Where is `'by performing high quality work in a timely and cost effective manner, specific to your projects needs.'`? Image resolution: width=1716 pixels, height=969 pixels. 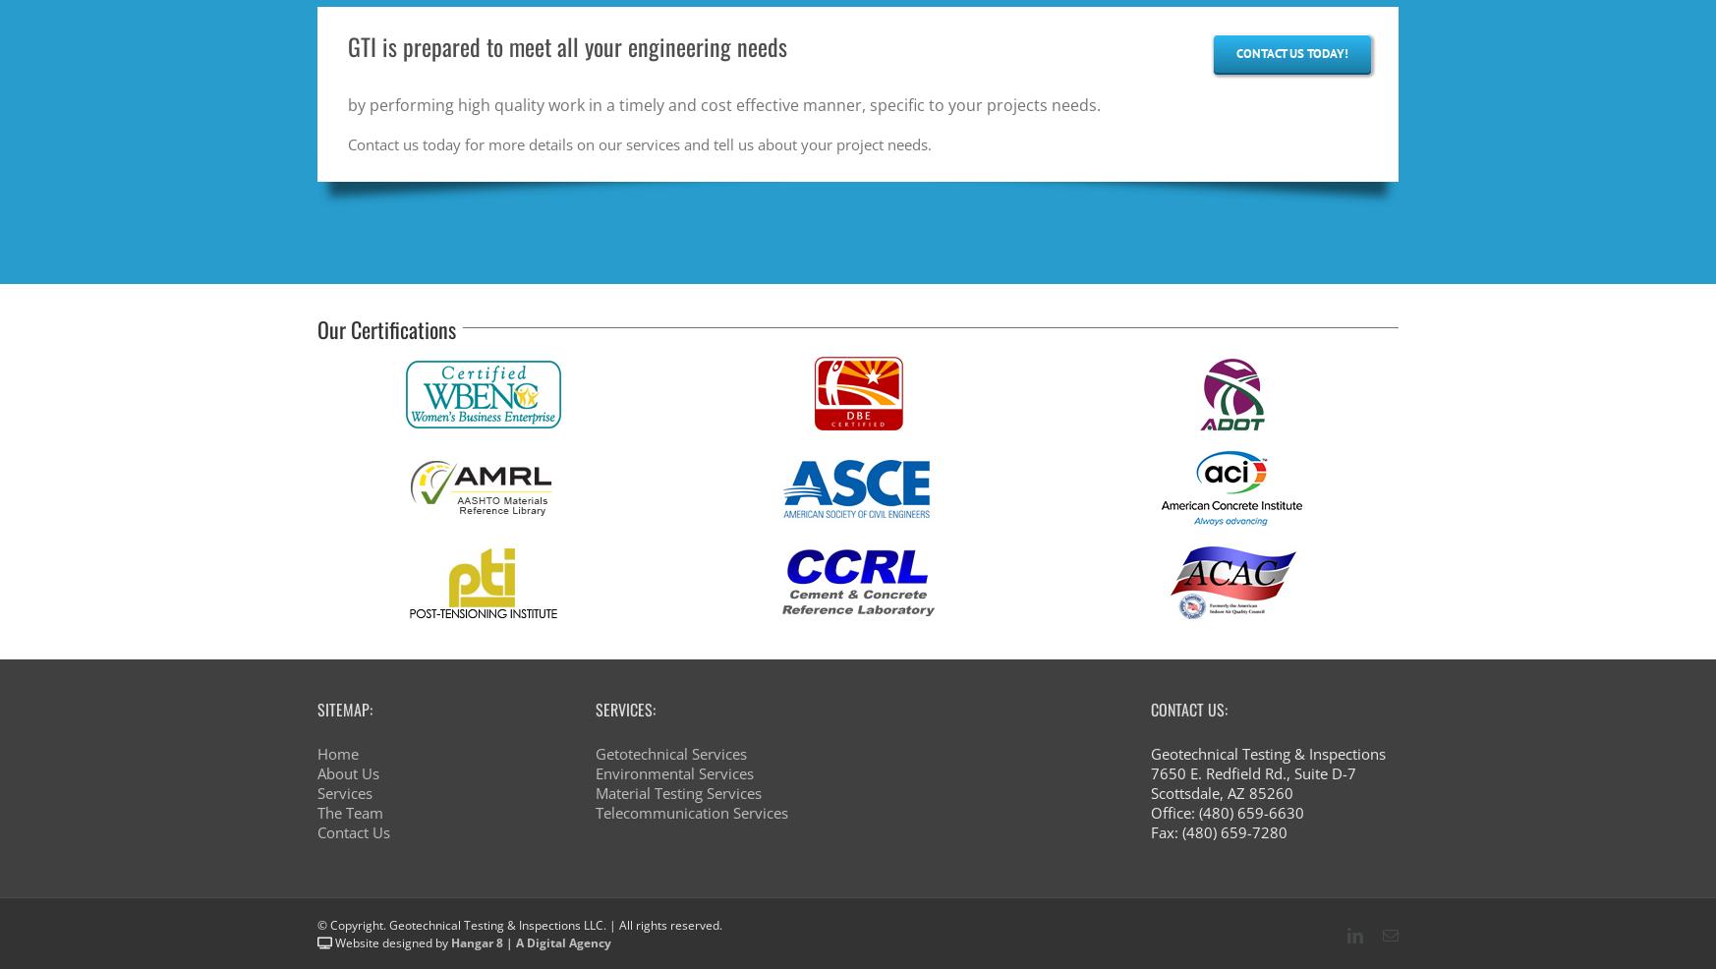 'by performing high quality work in a timely and cost effective manner, specific to your projects needs.' is located at coordinates (722, 105).